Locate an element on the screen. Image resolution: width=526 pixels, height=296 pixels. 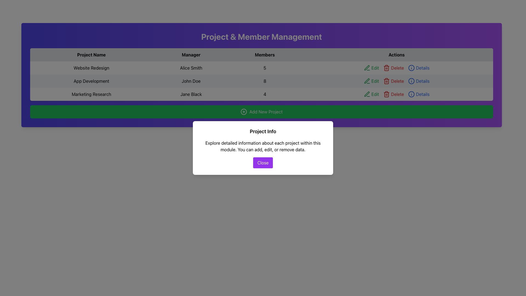
the 'Members' column header in the data table, which is the third column header located between the 'Manager' and 'Actions' column headers is located at coordinates (265, 55).